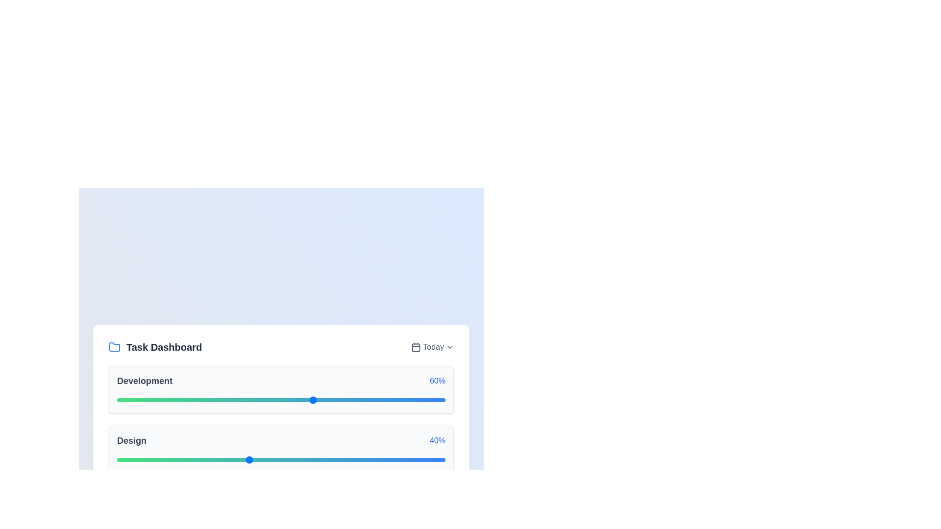 The image size is (941, 529). Describe the element at coordinates (284, 400) in the screenshot. I see `the slider` at that location.